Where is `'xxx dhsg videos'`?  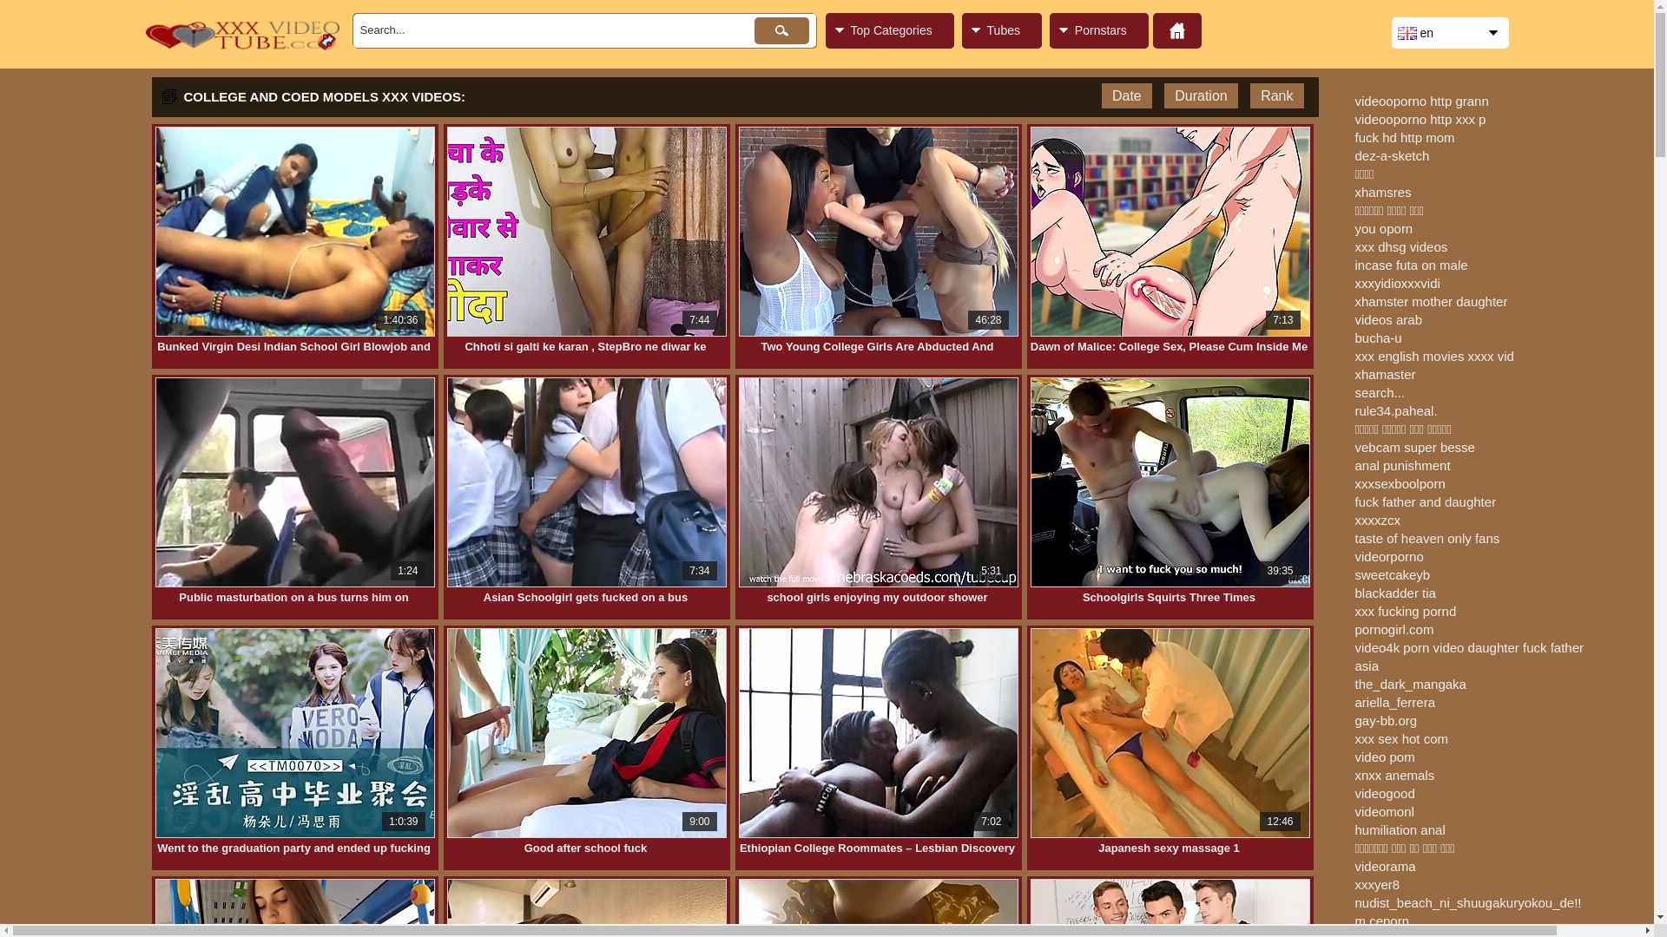 'xxx dhsg videos' is located at coordinates (1400, 246).